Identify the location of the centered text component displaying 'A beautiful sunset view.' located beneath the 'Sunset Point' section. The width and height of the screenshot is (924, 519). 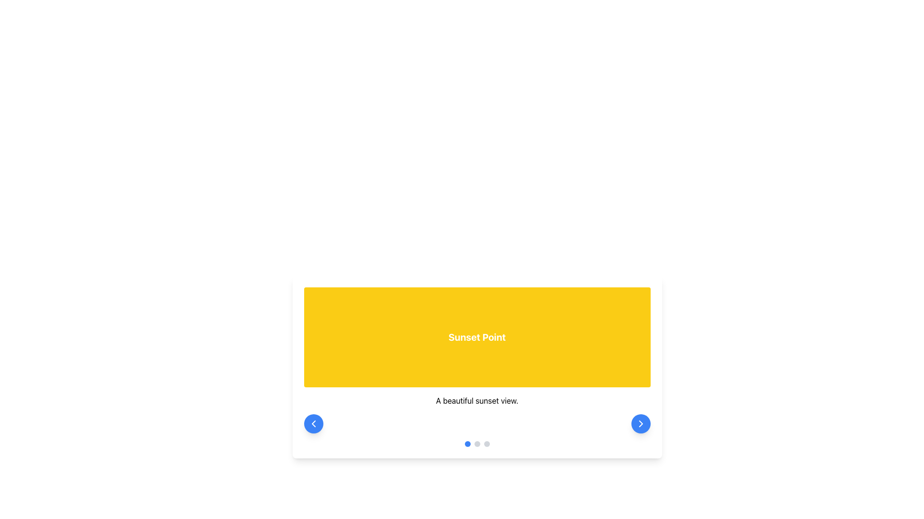
(477, 400).